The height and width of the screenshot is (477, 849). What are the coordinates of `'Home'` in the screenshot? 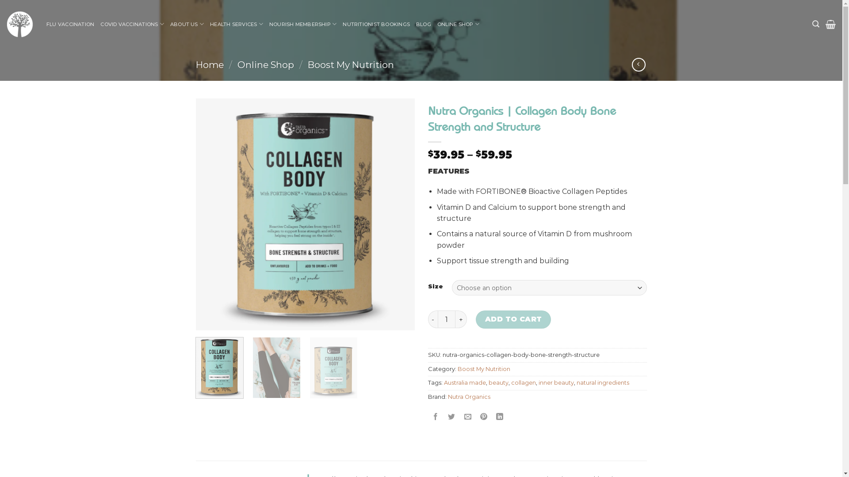 It's located at (209, 64).